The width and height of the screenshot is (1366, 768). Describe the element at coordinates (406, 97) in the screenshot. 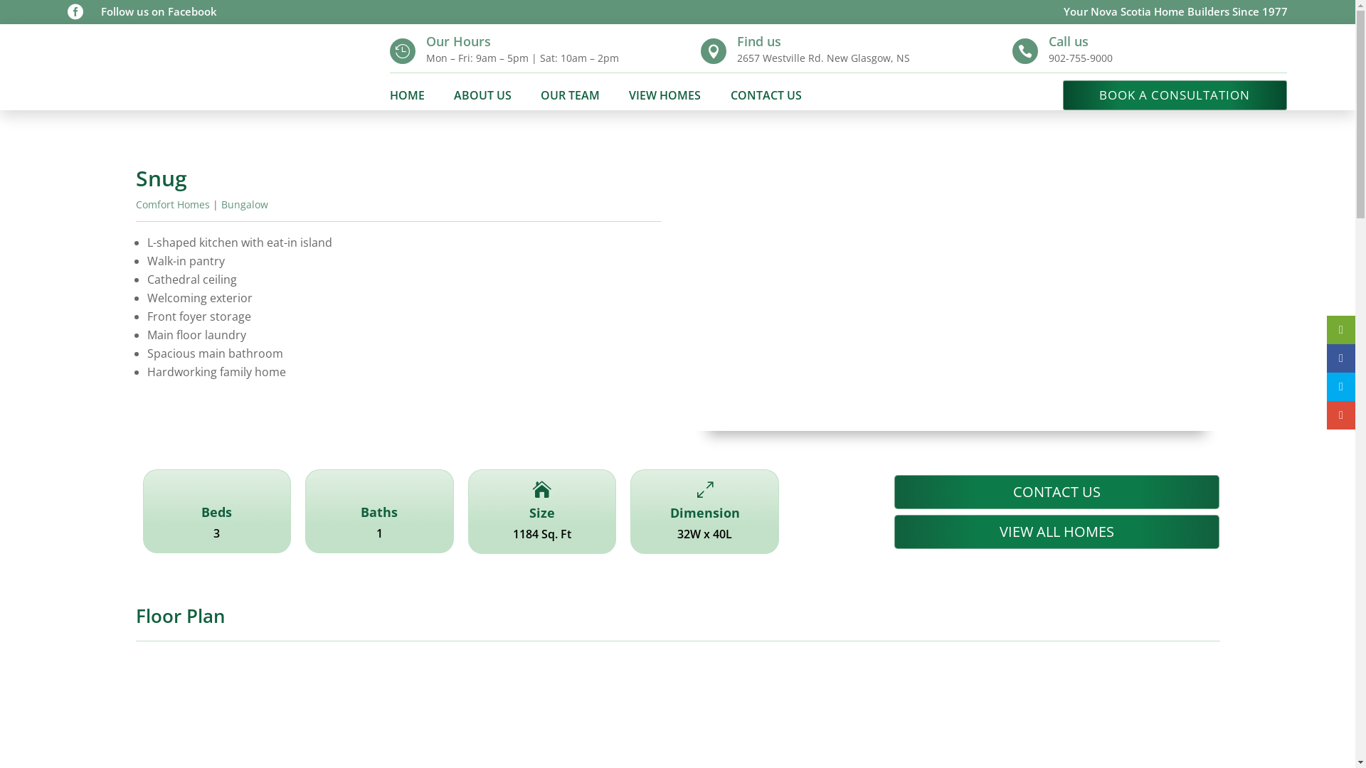

I see `'HOME'` at that location.